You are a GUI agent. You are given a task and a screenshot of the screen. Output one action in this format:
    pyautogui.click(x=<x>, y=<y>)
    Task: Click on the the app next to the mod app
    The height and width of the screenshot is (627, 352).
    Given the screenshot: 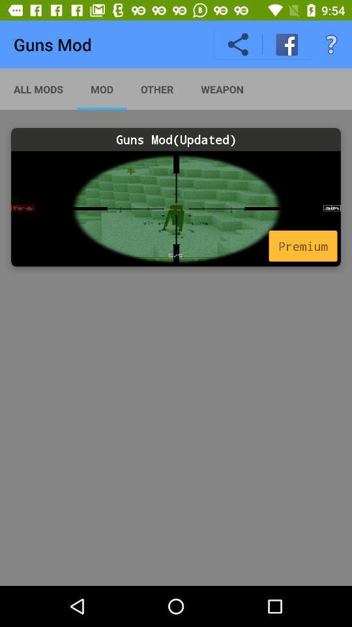 What is the action you would take?
    pyautogui.click(x=157, y=88)
    